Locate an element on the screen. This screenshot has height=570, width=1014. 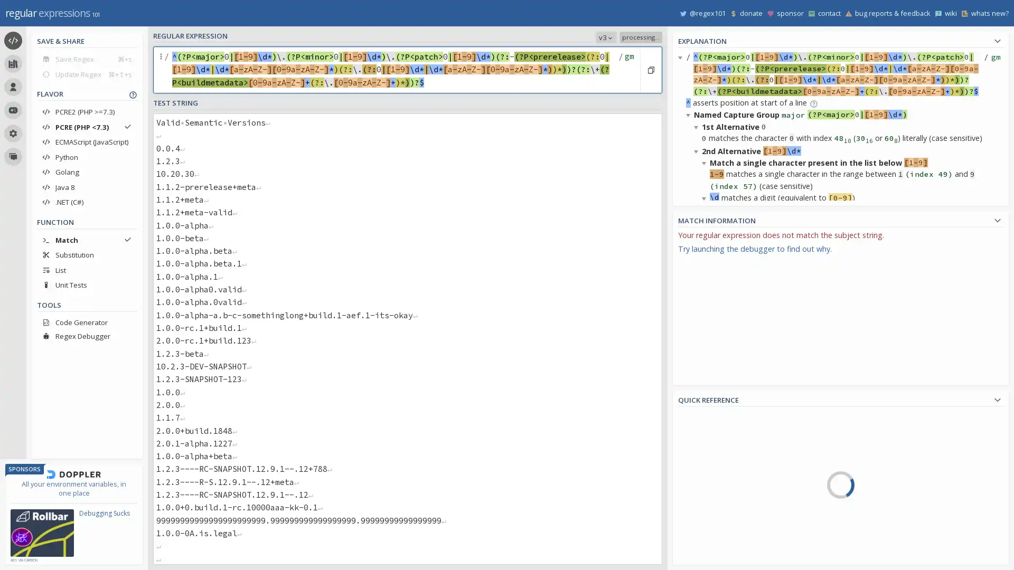
.NET (C#) is located at coordinates (87, 202).